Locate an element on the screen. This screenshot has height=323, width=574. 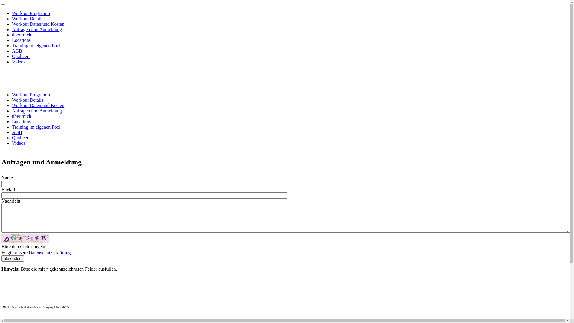
'Workout Programm' is located at coordinates (30, 13).